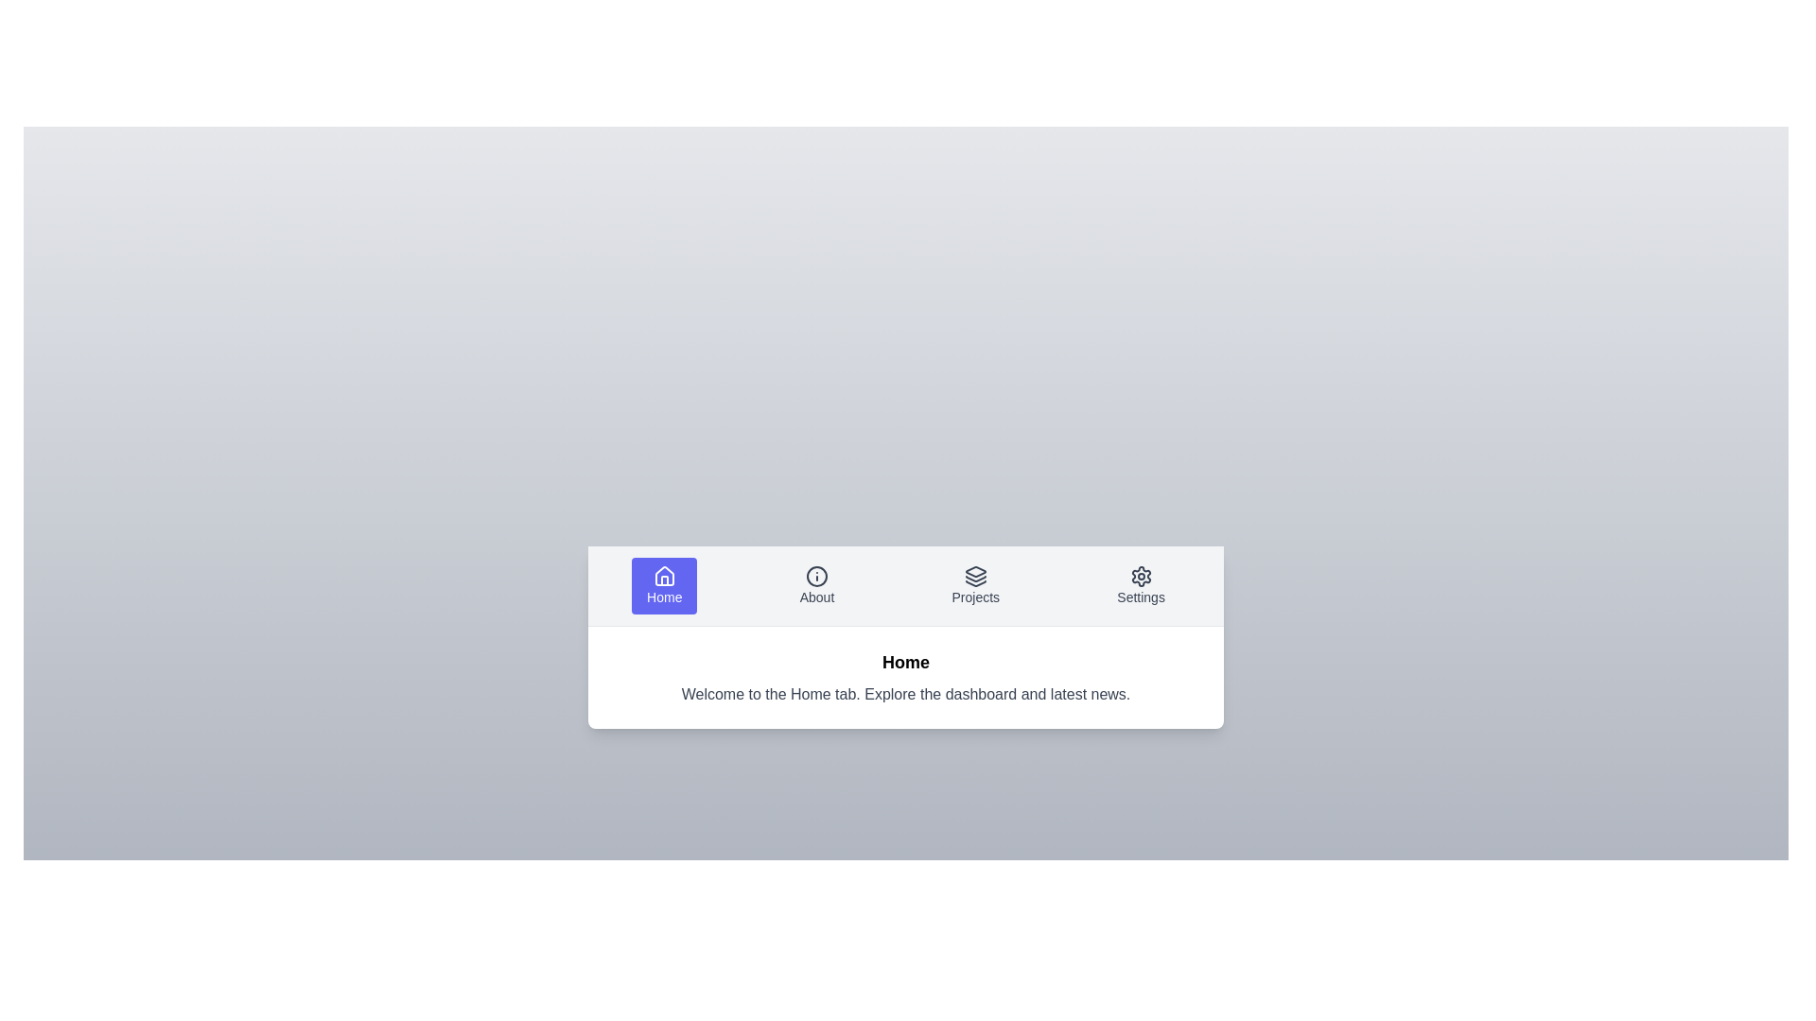 The width and height of the screenshot is (1816, 1021). Describe the element at coordinates (975, 584) in the screenshot. I see `the Projects tab by clicking on its label or icon` at that location.